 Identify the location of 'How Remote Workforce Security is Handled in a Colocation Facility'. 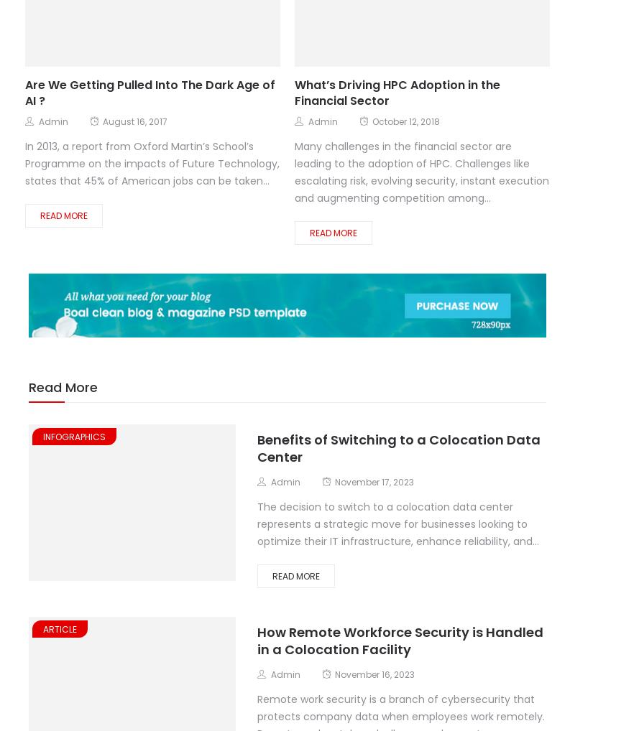
(400, 640).